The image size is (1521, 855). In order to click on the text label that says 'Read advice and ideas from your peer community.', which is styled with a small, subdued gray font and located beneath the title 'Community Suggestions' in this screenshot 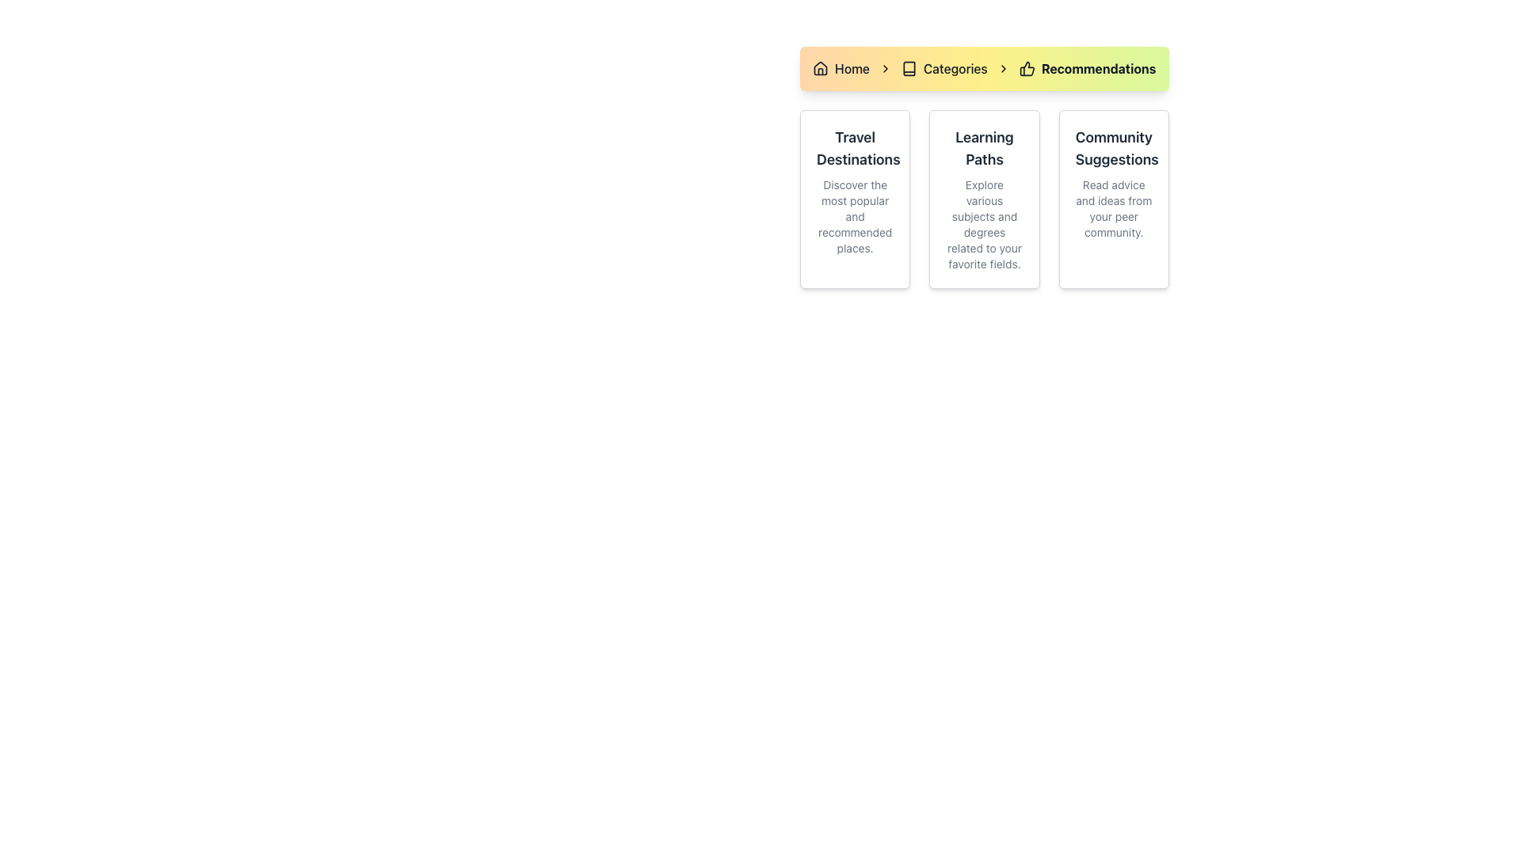, I will do `click(1113, 207)`.